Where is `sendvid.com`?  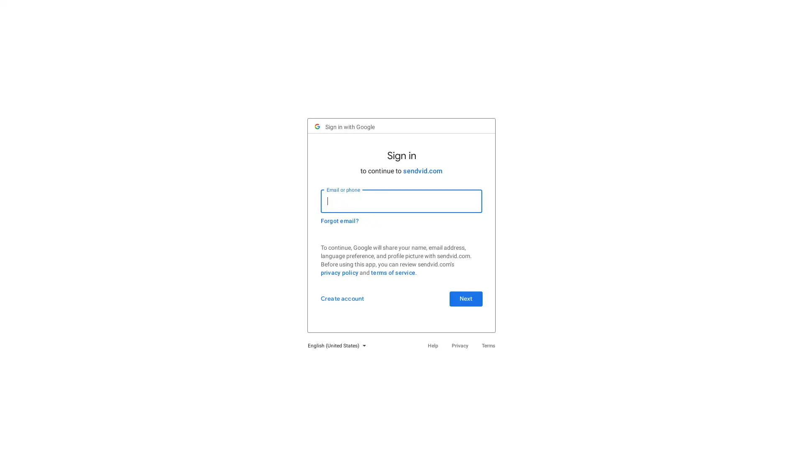
sendvid.com is located at coordinates (423, 173).